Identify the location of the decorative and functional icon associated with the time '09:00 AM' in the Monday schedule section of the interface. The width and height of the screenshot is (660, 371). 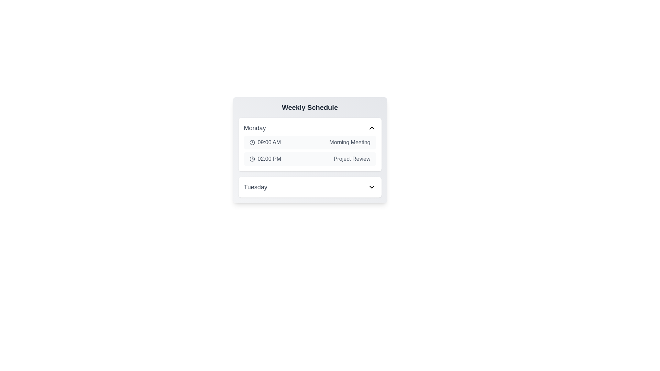
(252, 142).